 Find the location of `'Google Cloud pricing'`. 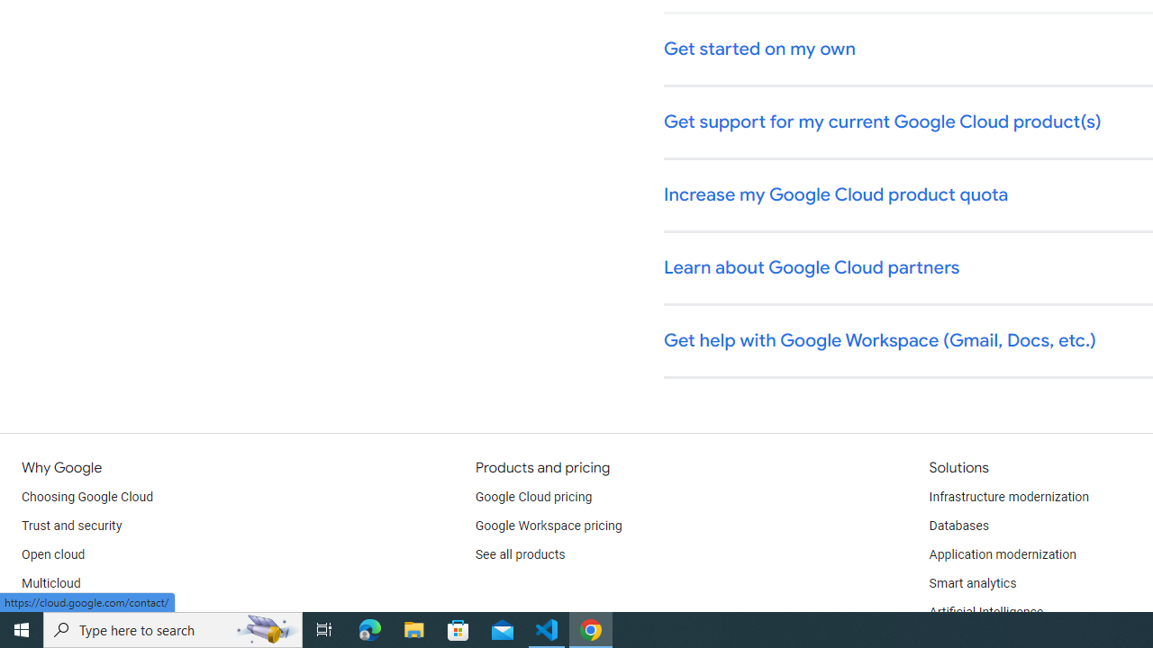

'Google Cloud pricing' is located at coordinates (532, 497).